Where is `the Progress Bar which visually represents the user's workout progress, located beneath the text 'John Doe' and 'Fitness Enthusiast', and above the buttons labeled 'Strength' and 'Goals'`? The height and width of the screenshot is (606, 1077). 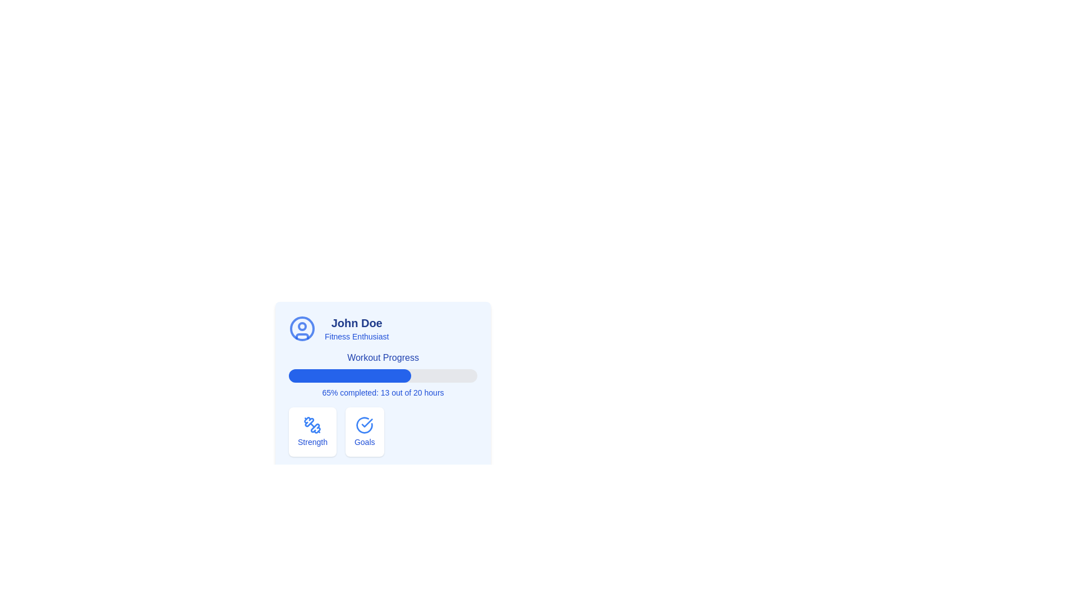
the Progress Bar which visually represents the user's workout progress, located beneath the text 'John Doe' and 'Fitness Enthusiast', and above the buttons labeled 'Strength' and 'Goals' is located at coordinates (383, 374).